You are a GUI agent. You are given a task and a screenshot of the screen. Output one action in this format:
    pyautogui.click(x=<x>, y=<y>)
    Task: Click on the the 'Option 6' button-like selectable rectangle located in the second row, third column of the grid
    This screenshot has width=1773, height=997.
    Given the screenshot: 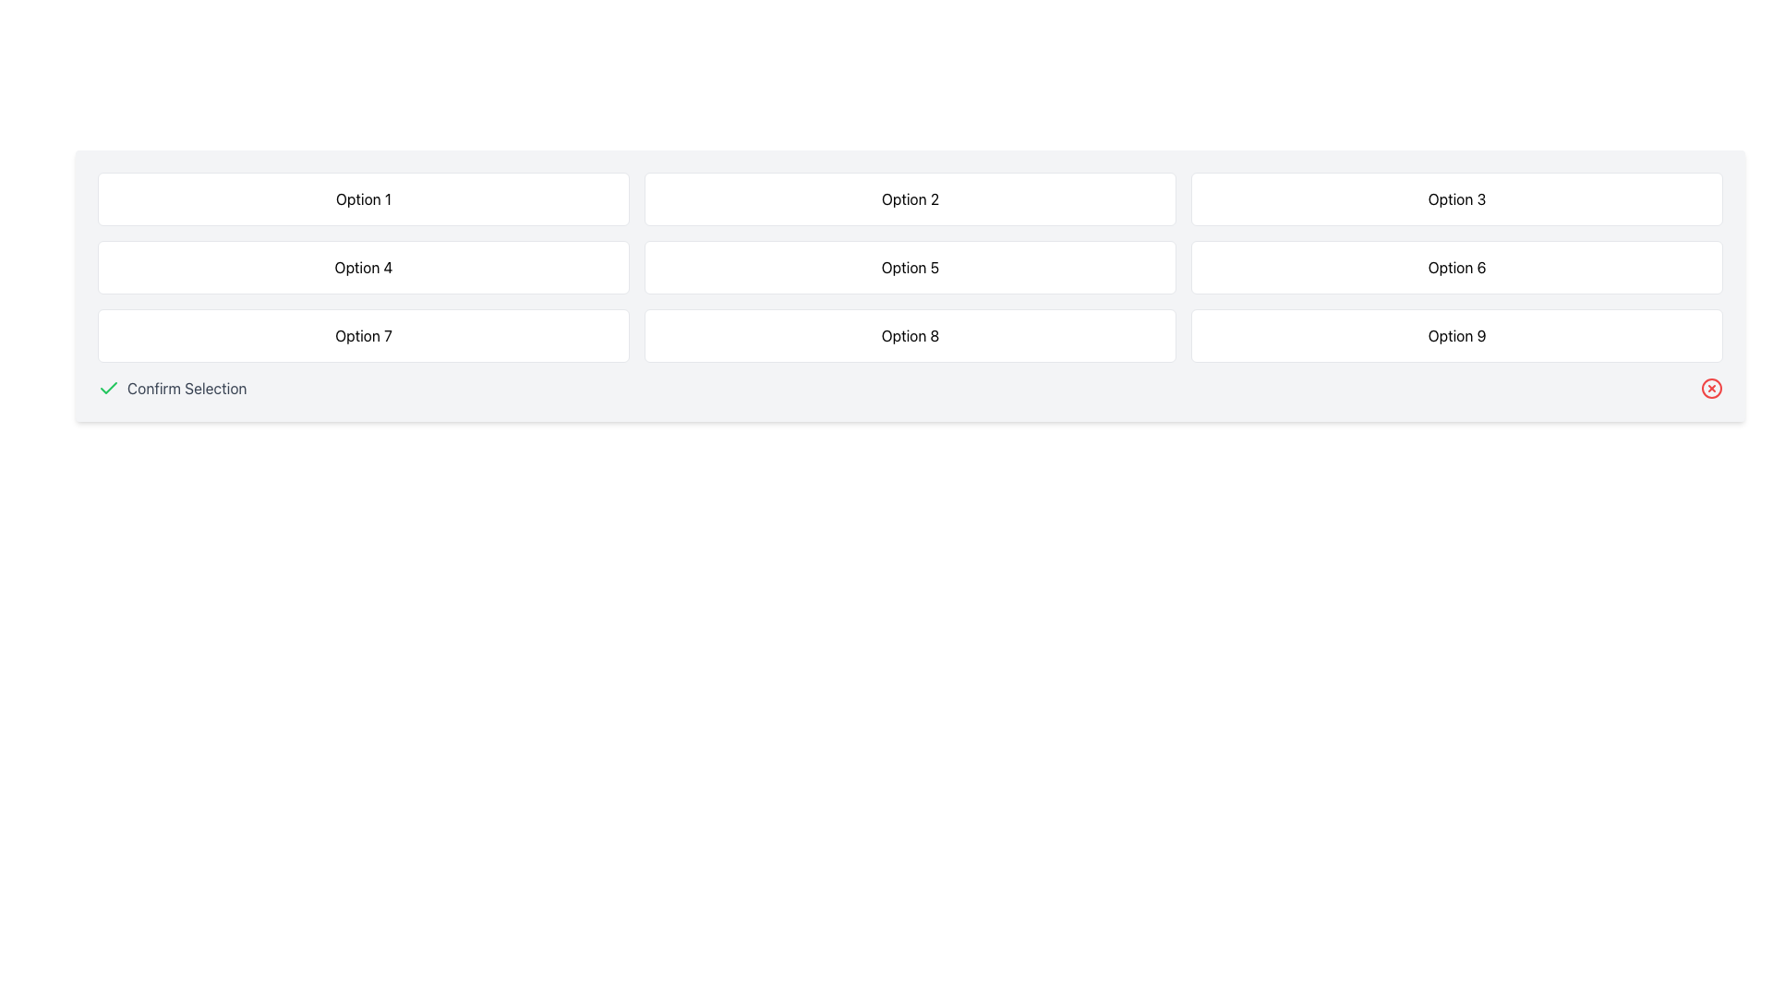 What is the action you would take?
    pyautogui.click(x=1456, y=267)
    